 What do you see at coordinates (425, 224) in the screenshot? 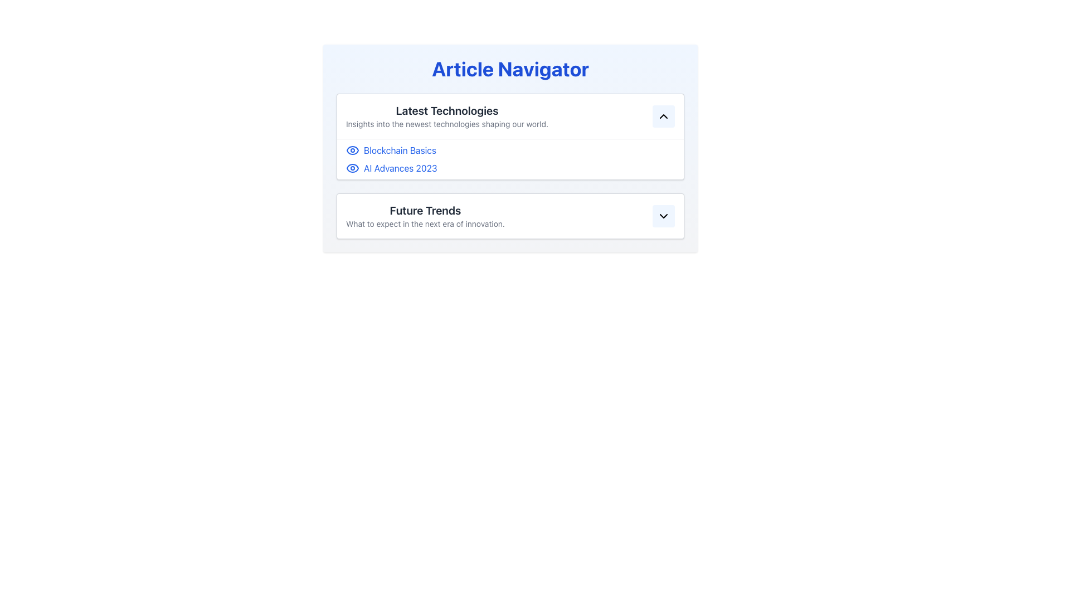
I see `descriptive text element located below the 'Future Trends' title, which states 'What to expect in the next era of innovation.'` at bounding box center [425, 224].